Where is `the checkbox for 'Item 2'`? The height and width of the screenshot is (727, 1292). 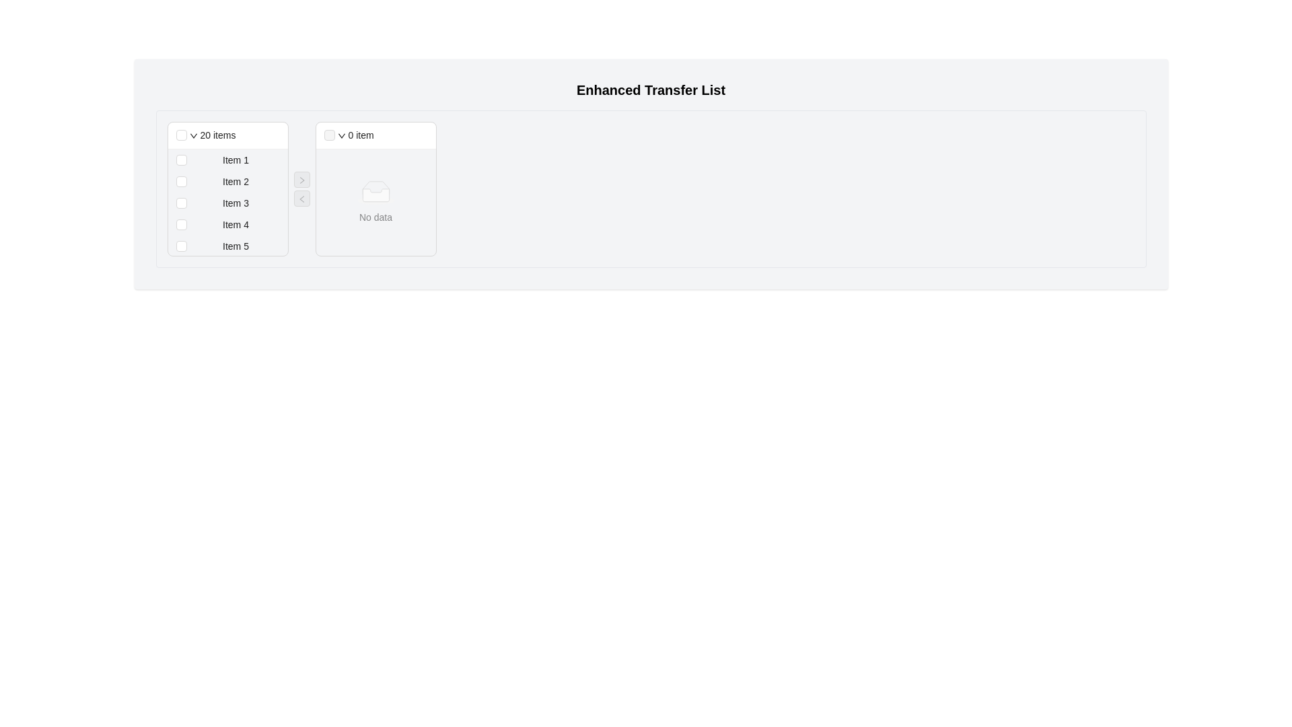 the checkbox for 'Item 2' is located at coordinates (180, 182).